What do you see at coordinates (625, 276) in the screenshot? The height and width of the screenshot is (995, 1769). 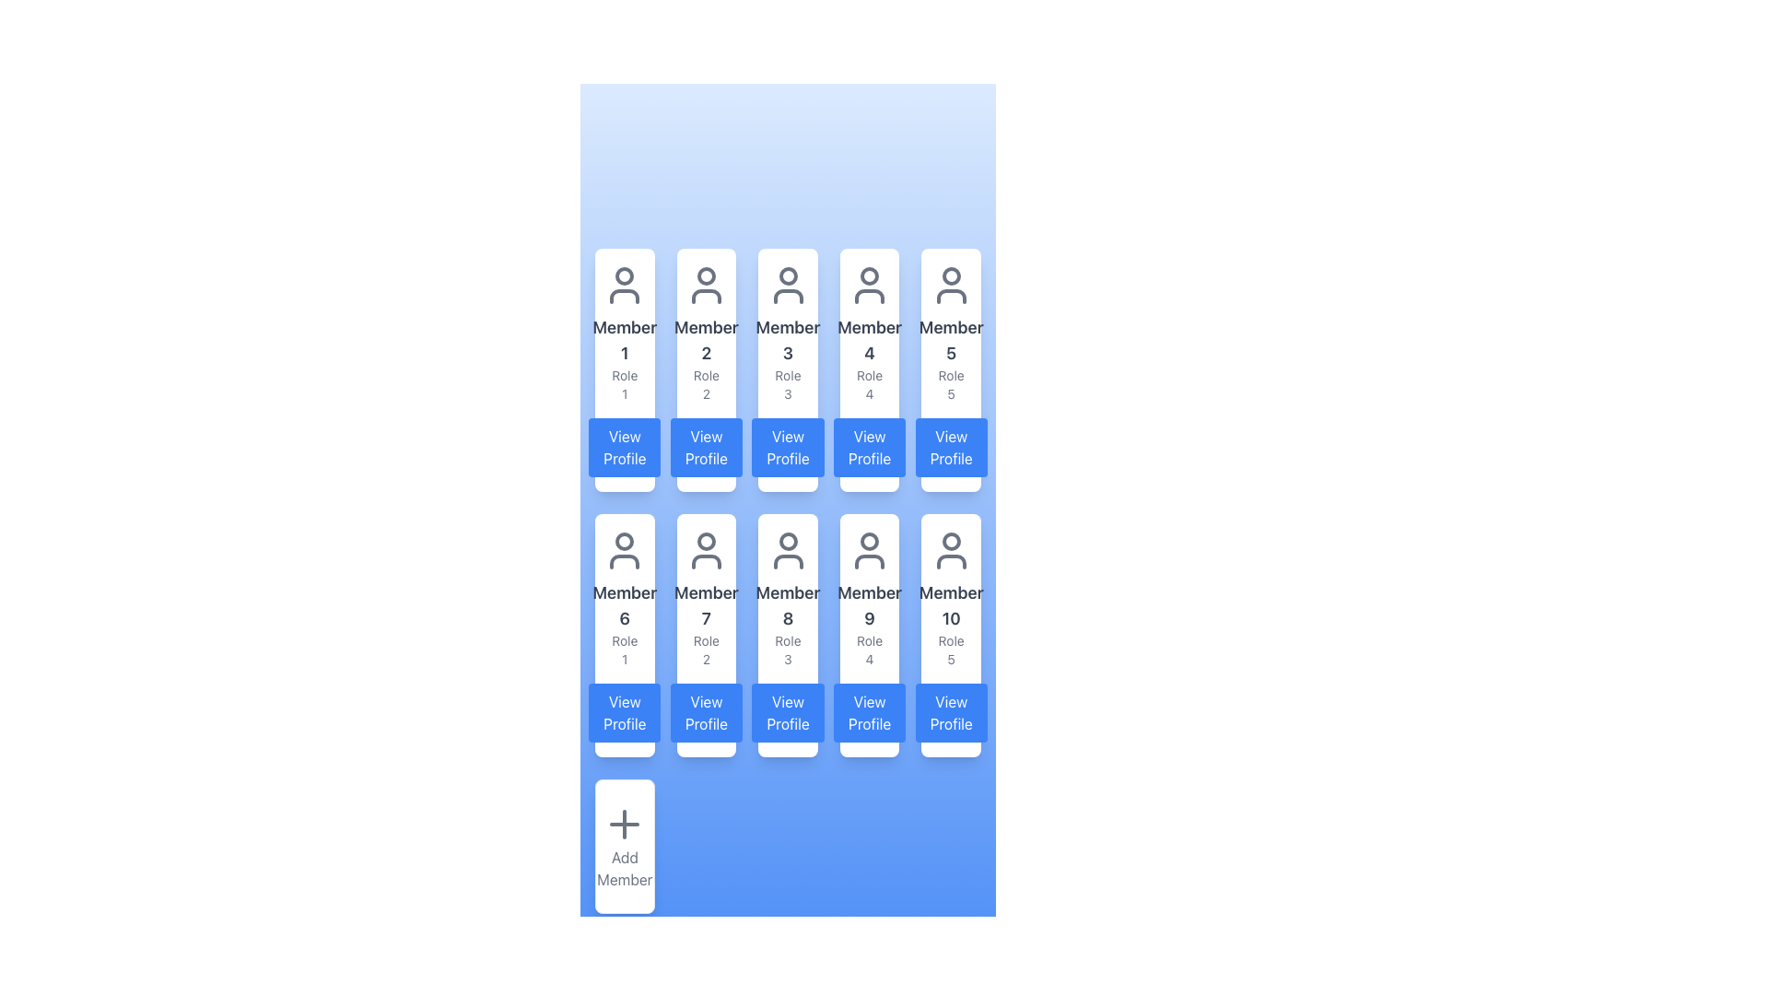 I see `the circular graphical icon at the upper part of the user profile icon for 'Member 1' to execute related actions` at bounding box center [625, 276].